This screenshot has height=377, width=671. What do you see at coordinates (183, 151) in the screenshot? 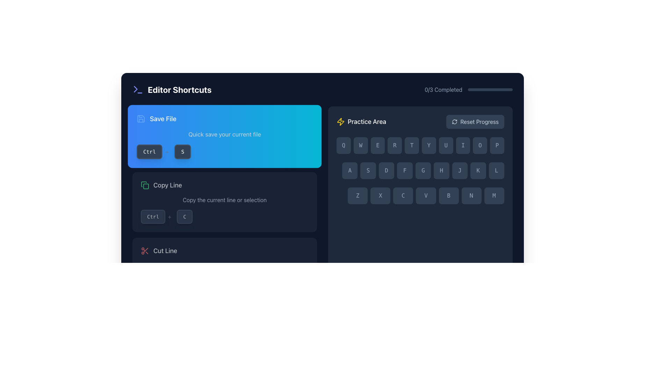
I see `the 'S' key button in the 'Ctrl + S' keyboard shortcut display to simulate the keypress for saving a file` at bounding box center [183, 151].